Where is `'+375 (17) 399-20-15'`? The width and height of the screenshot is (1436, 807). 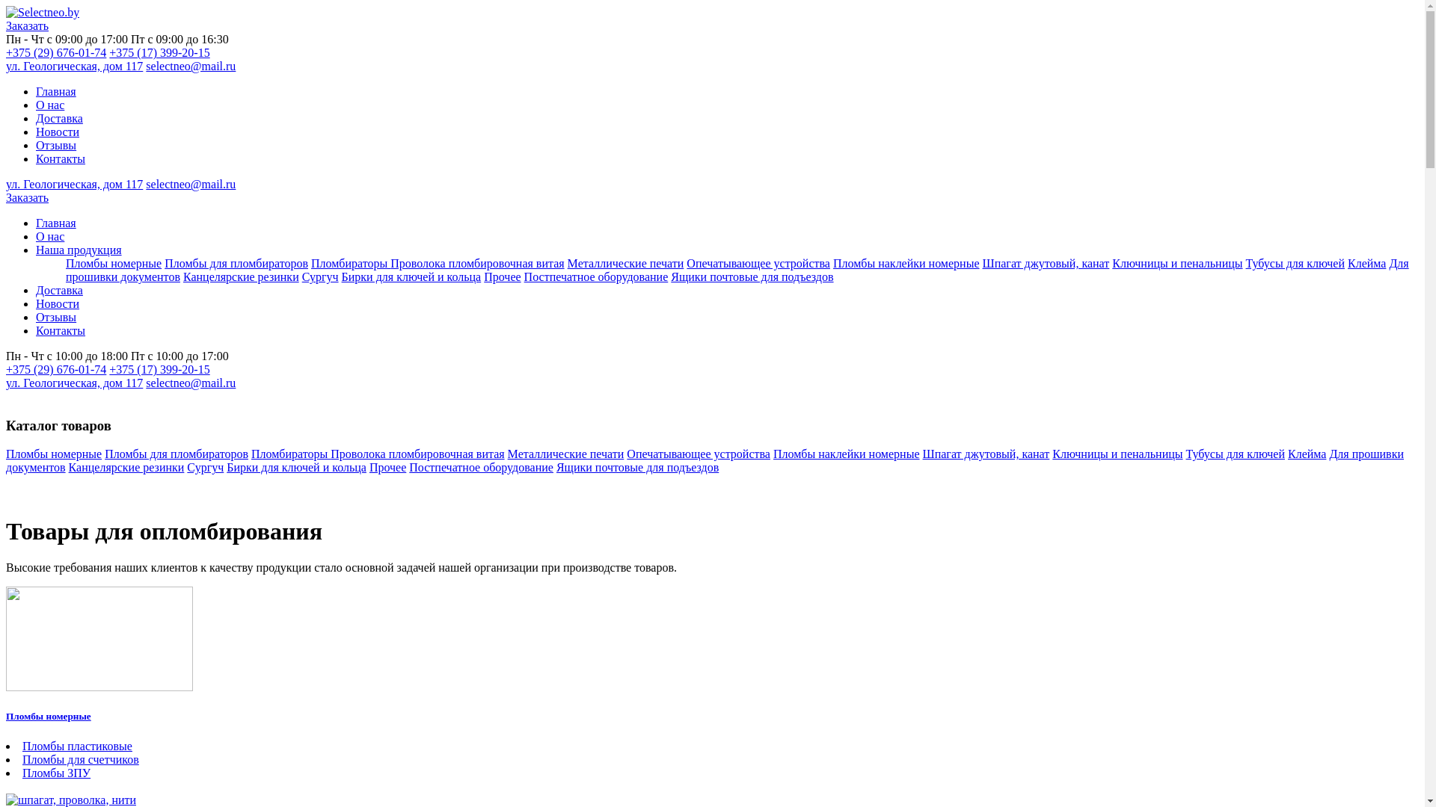
'+375 (17) 399-20-15' is located at coordinates (159, 369).